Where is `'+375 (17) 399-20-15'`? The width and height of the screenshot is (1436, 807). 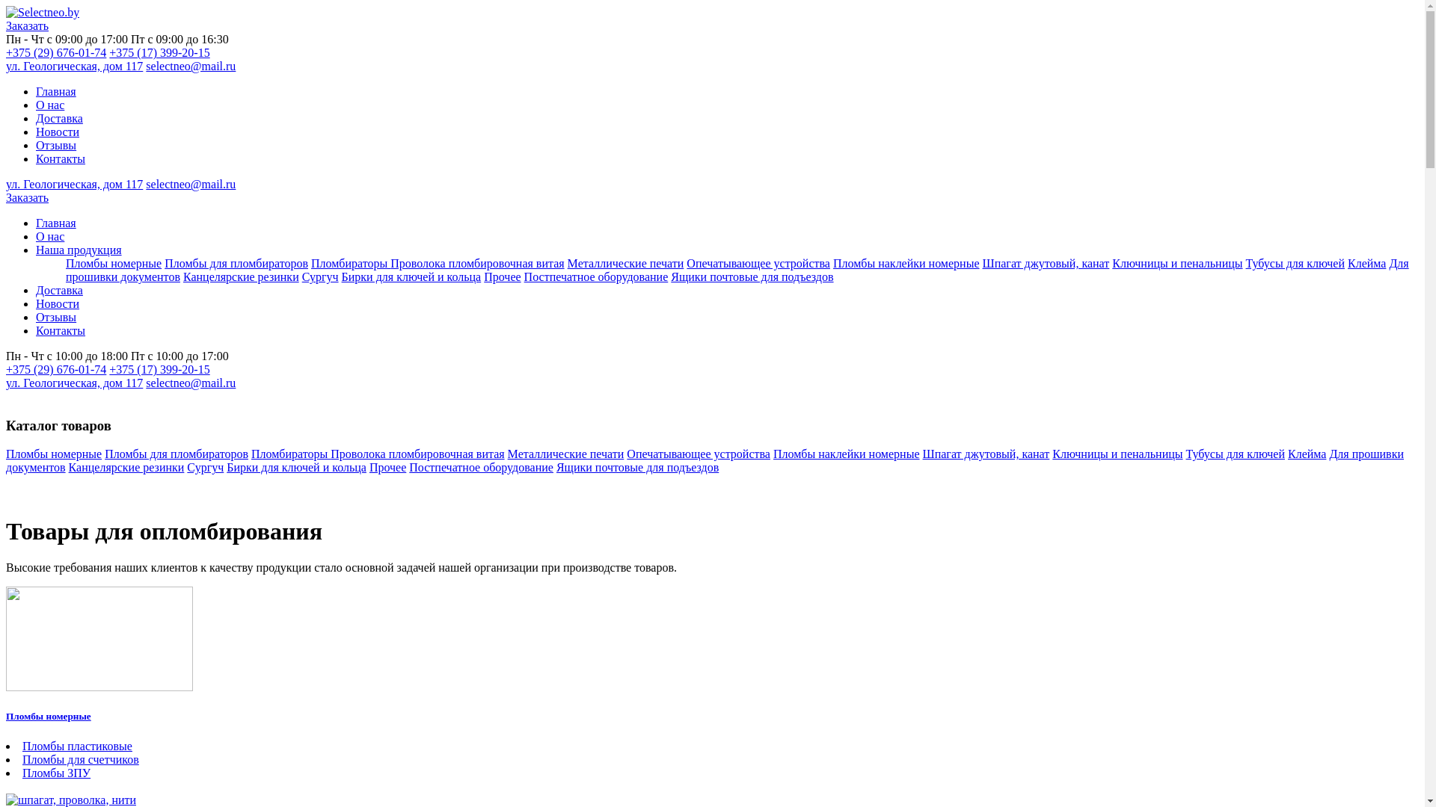
'+375 (17) 399-20-15' is located at coordinates (159, 369).